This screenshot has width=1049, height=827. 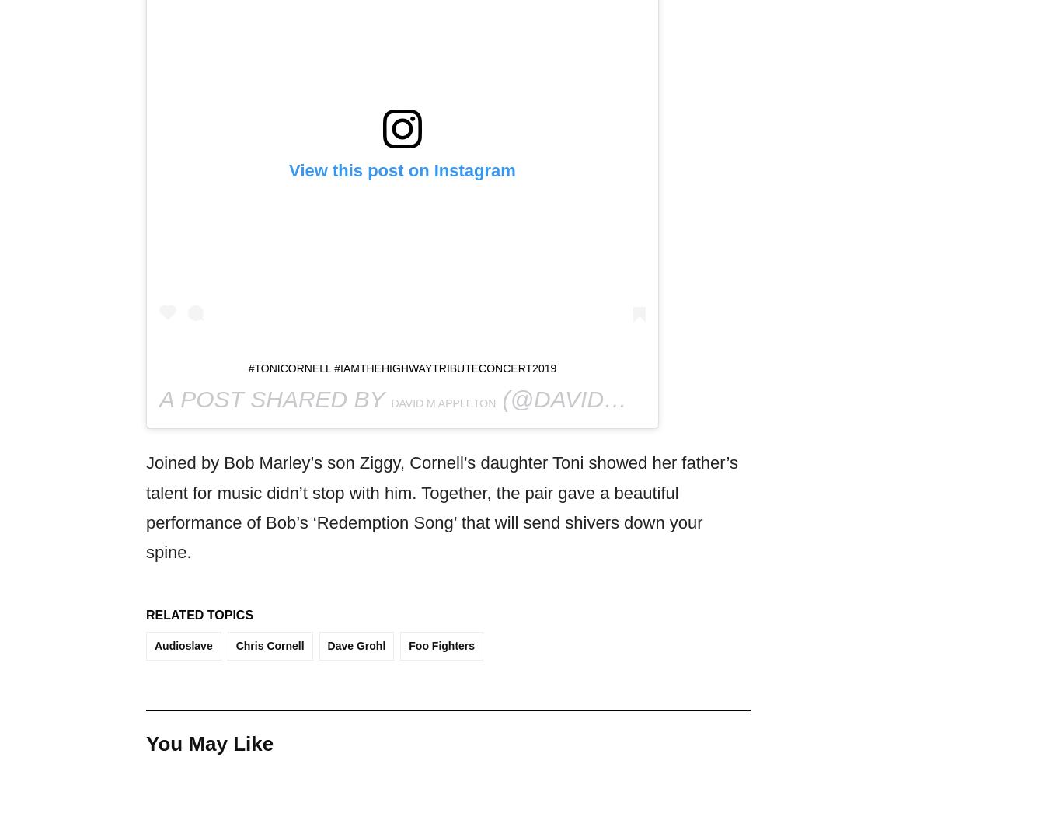 I want to click on 'View this post on Instagram', so click(x=289, y=170).